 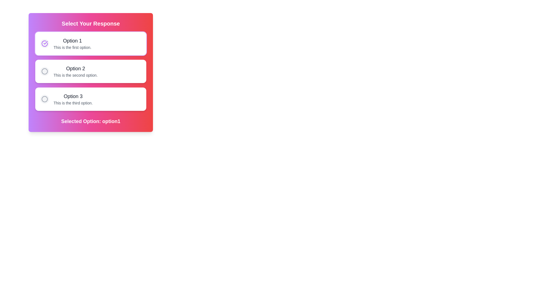 What do you see at coordinates (45, 71) in the screenshot?
I see `the second radio button` at bounding box center [45, 71].